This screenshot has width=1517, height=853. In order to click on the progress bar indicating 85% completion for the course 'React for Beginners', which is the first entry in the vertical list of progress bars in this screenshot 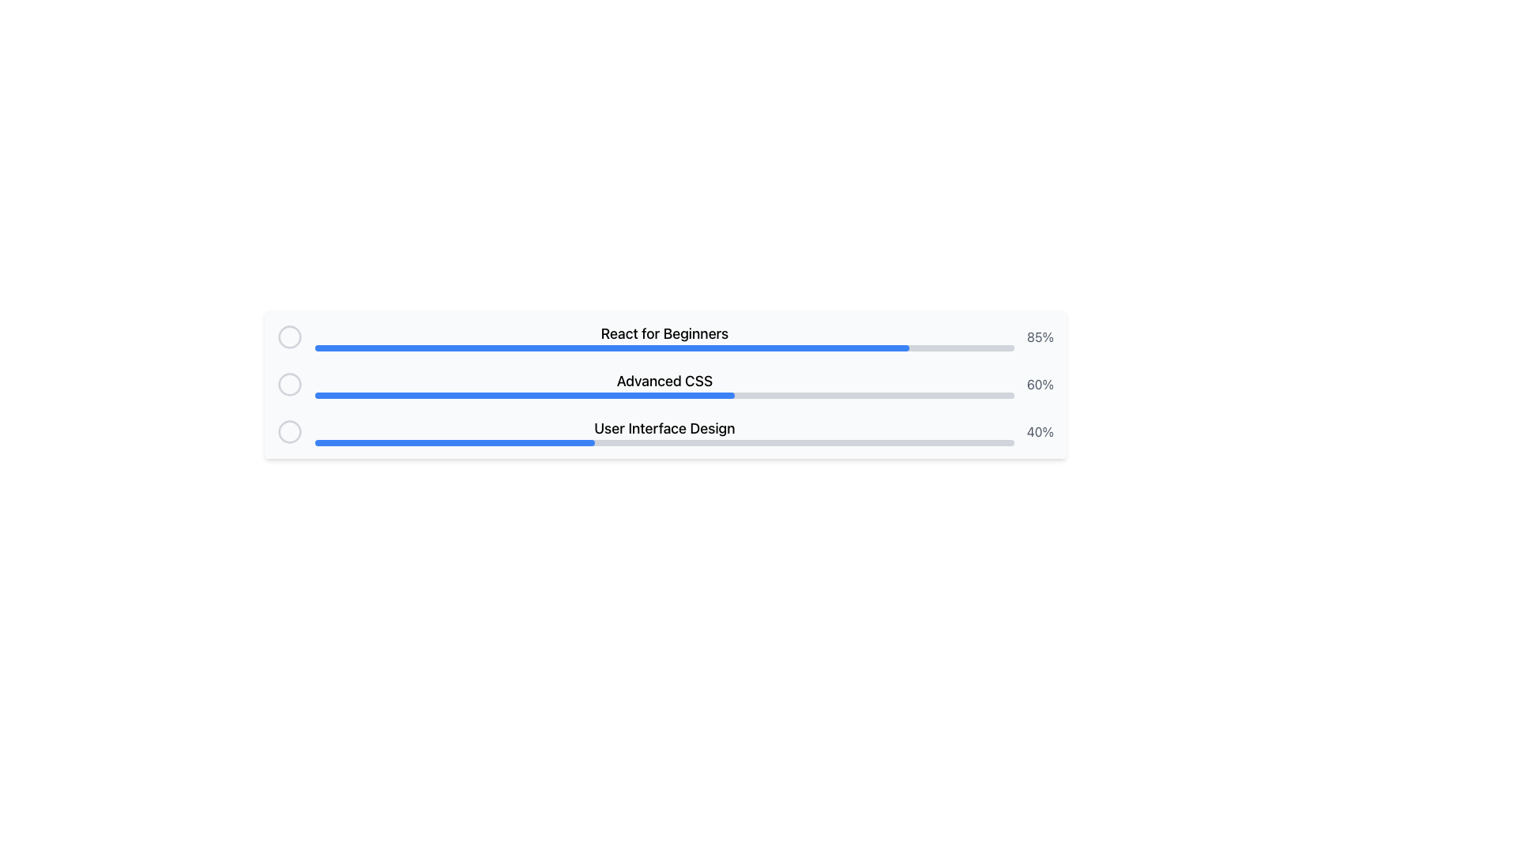, I will do `click(665, 336)`.